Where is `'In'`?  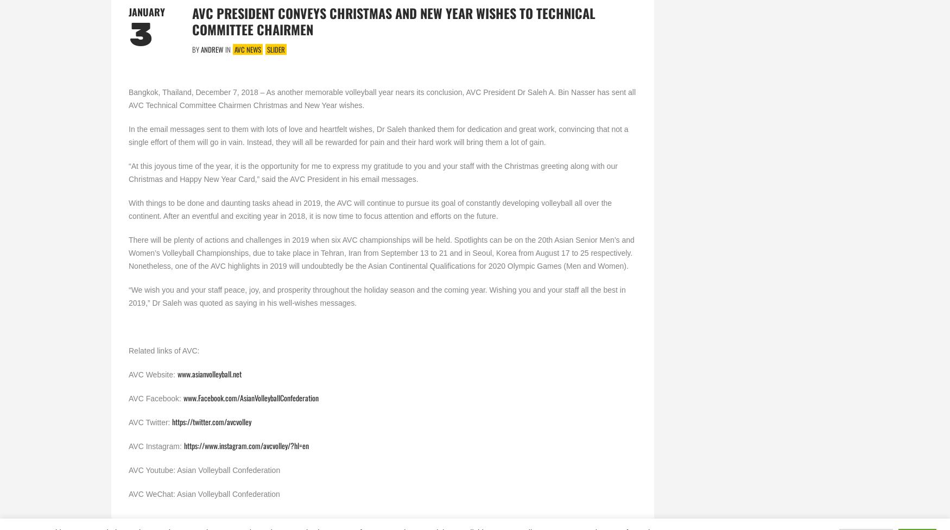
'In' is located at coordinates (227, 48).